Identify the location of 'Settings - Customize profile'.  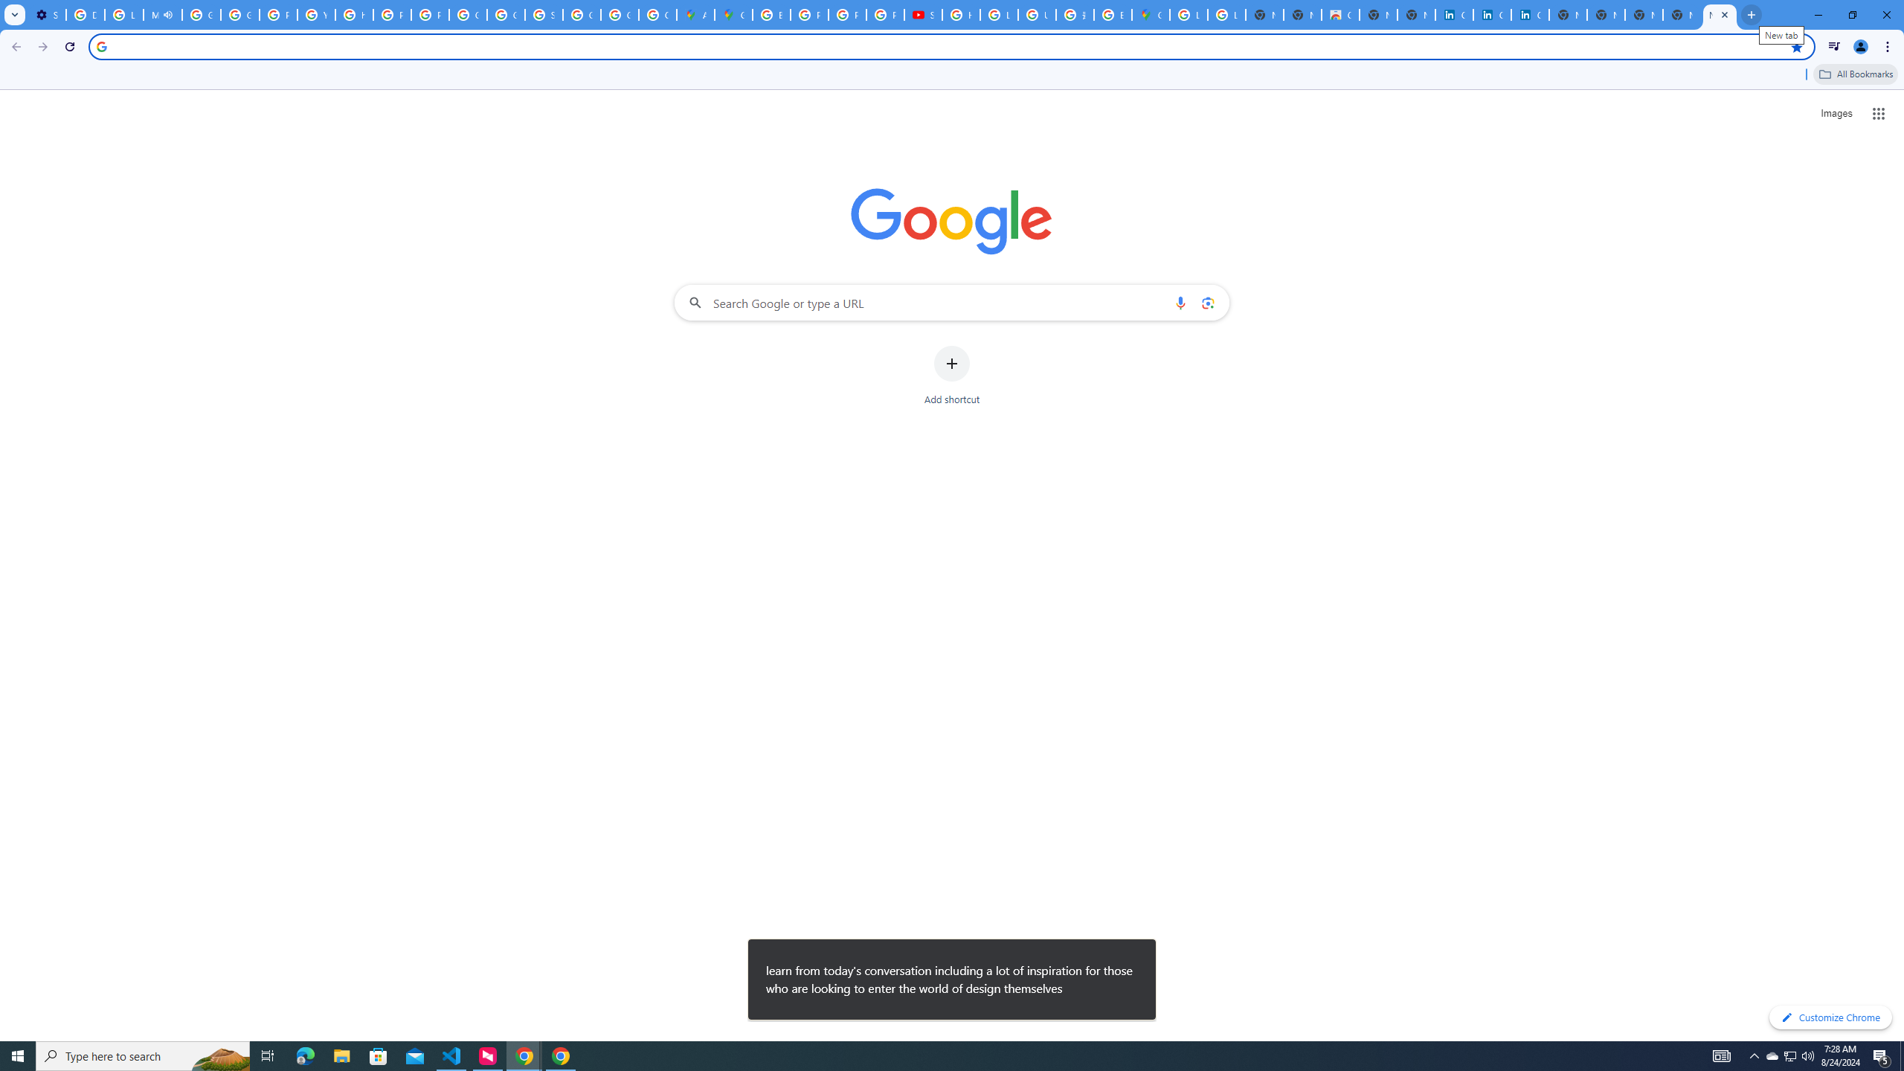
(45, 14).